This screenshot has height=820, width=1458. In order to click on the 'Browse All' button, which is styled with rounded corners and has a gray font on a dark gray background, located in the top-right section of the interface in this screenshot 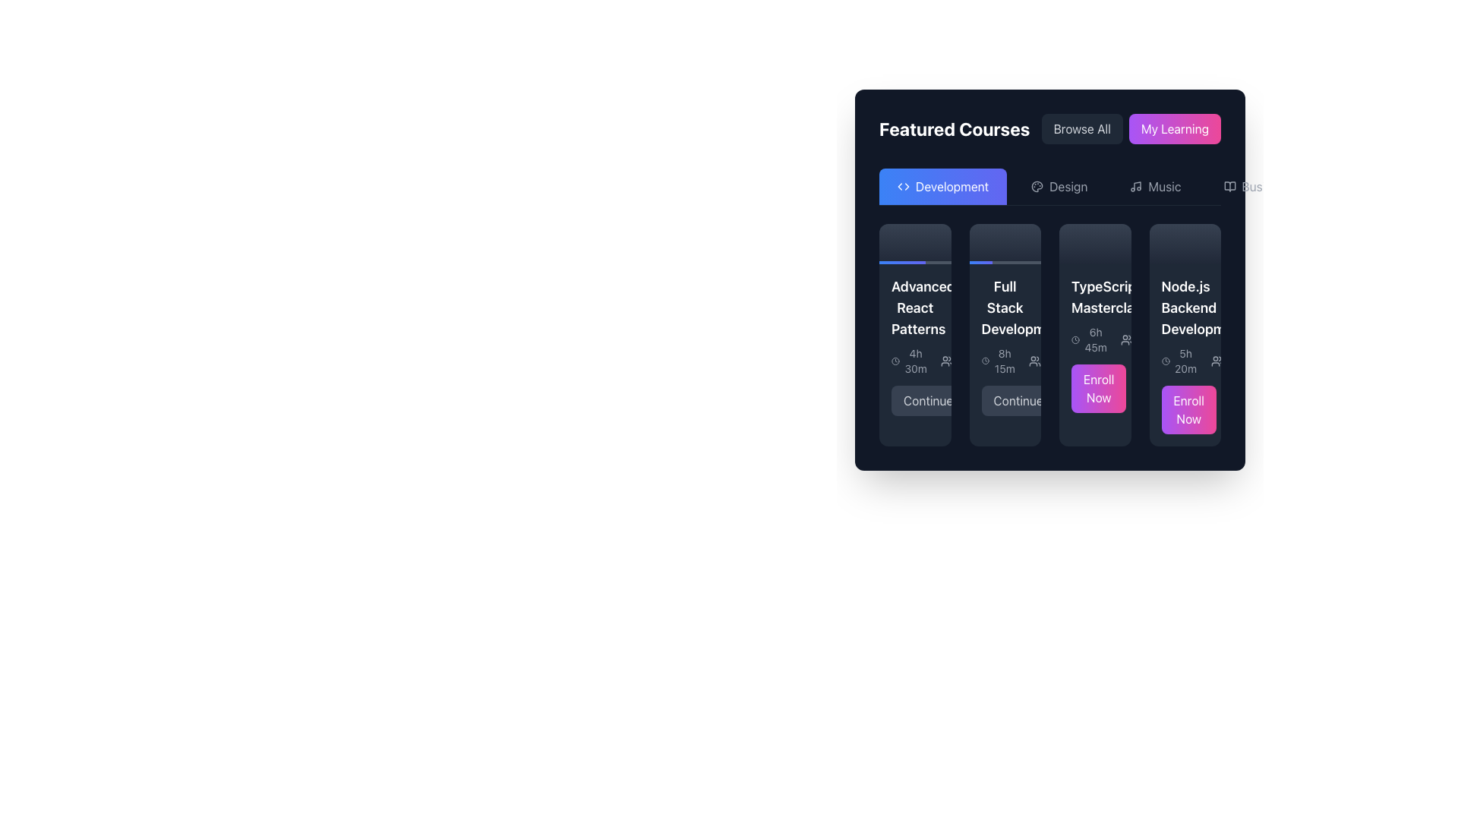, I will do `click(1081, 128)`.